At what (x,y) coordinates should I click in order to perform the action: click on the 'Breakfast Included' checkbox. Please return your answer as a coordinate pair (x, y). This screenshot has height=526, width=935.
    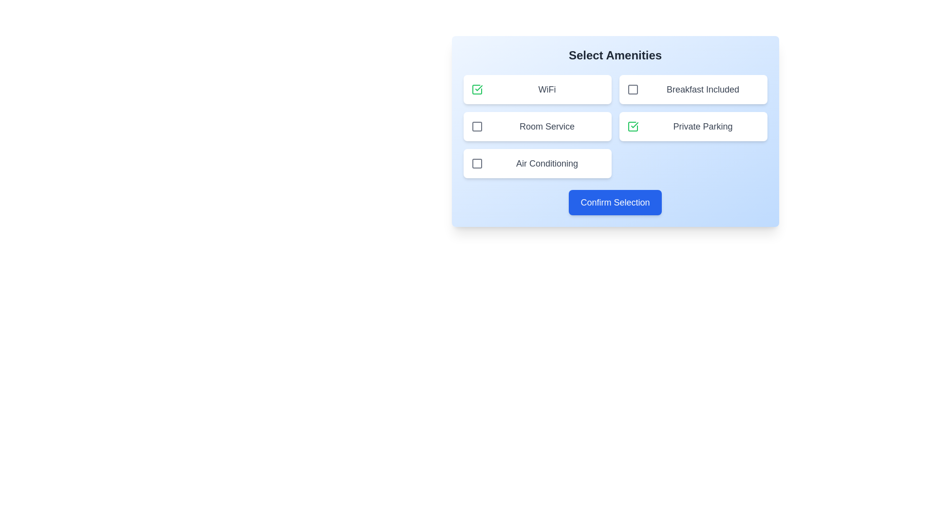
    Looking at the image, I should click on (633, 90).